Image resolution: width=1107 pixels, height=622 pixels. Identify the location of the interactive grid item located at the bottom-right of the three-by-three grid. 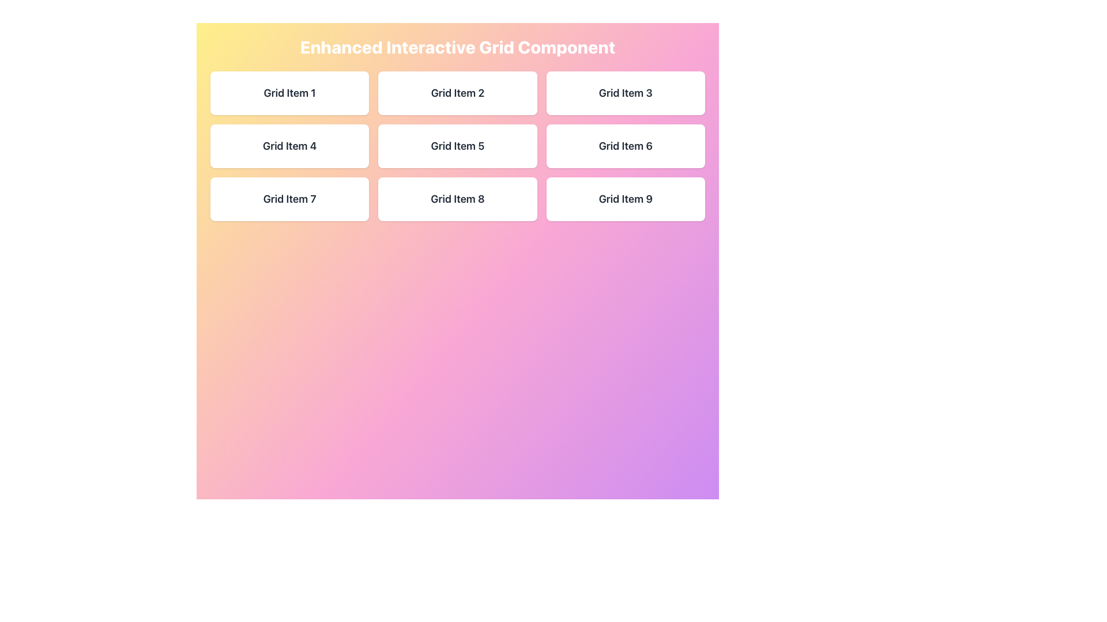
(625, 199).